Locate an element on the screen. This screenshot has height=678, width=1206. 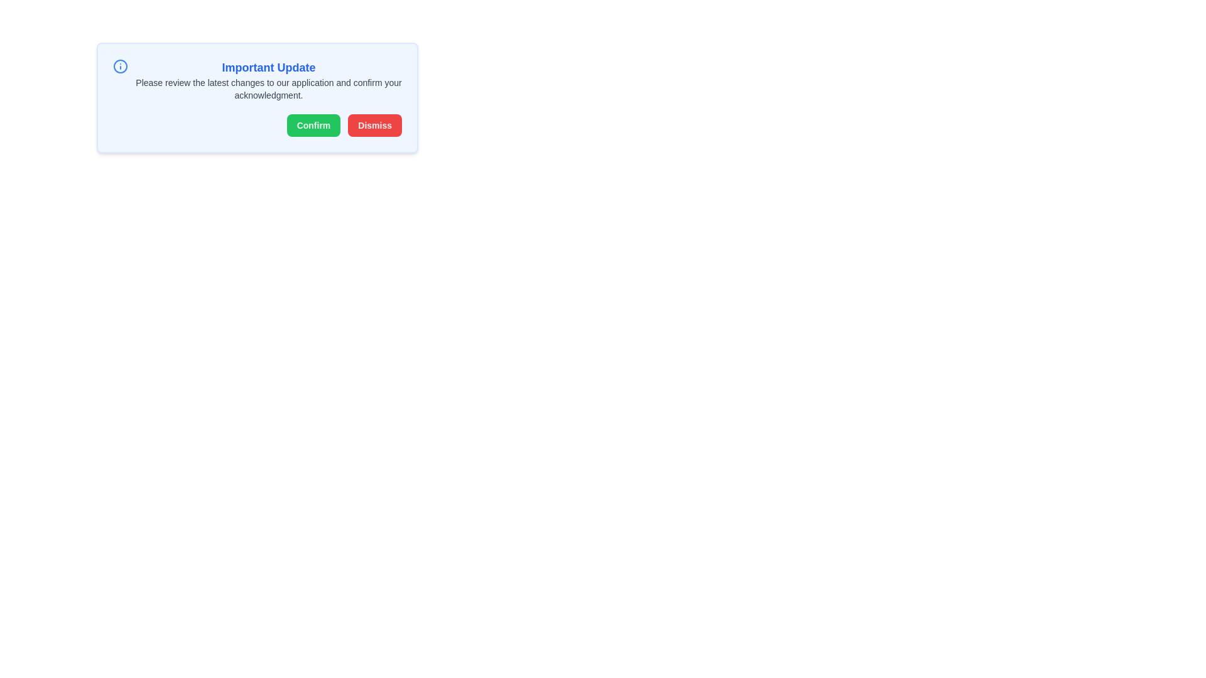
the left button that confirms acknowledgment or agreement within the notification message section is located at coordinates (313, 126).